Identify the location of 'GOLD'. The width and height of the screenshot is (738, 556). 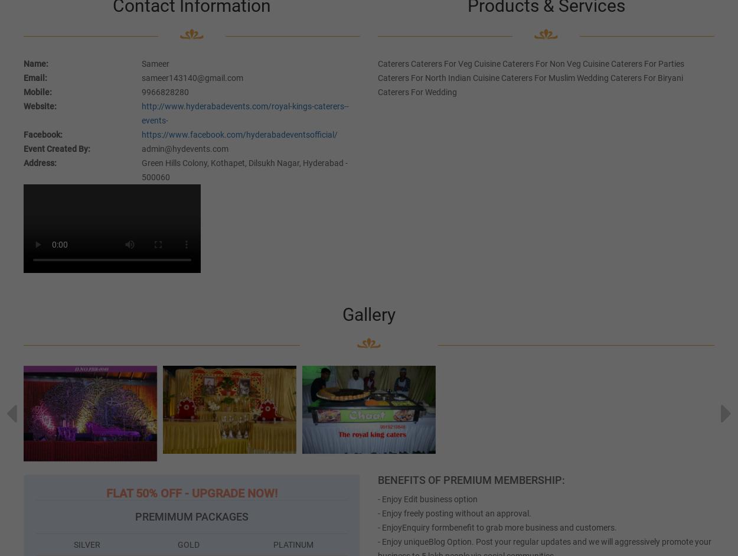
(188, 543).